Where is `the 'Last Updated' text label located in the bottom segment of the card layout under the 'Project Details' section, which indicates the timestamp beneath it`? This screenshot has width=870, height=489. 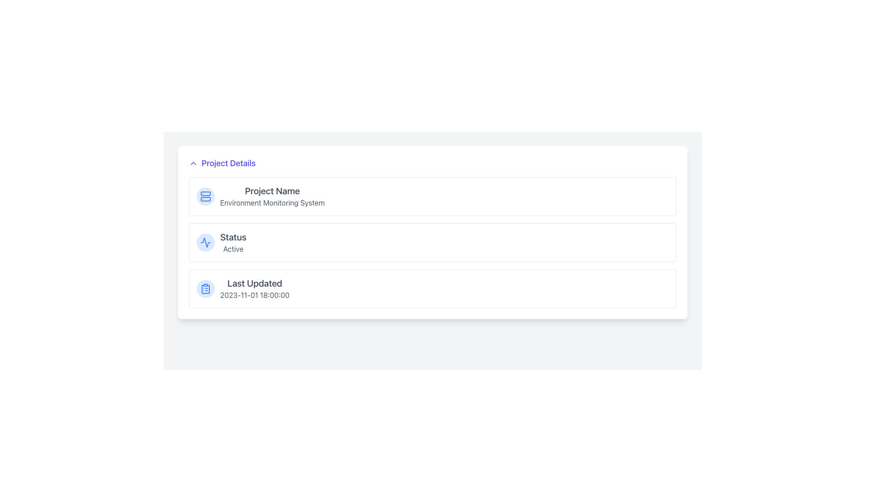 the 'Last Updated' text label located in the bottom segment of the card layout under the 'Project Details' section, which indicates the timestamp beneath it is located at coordinates (254, 283).